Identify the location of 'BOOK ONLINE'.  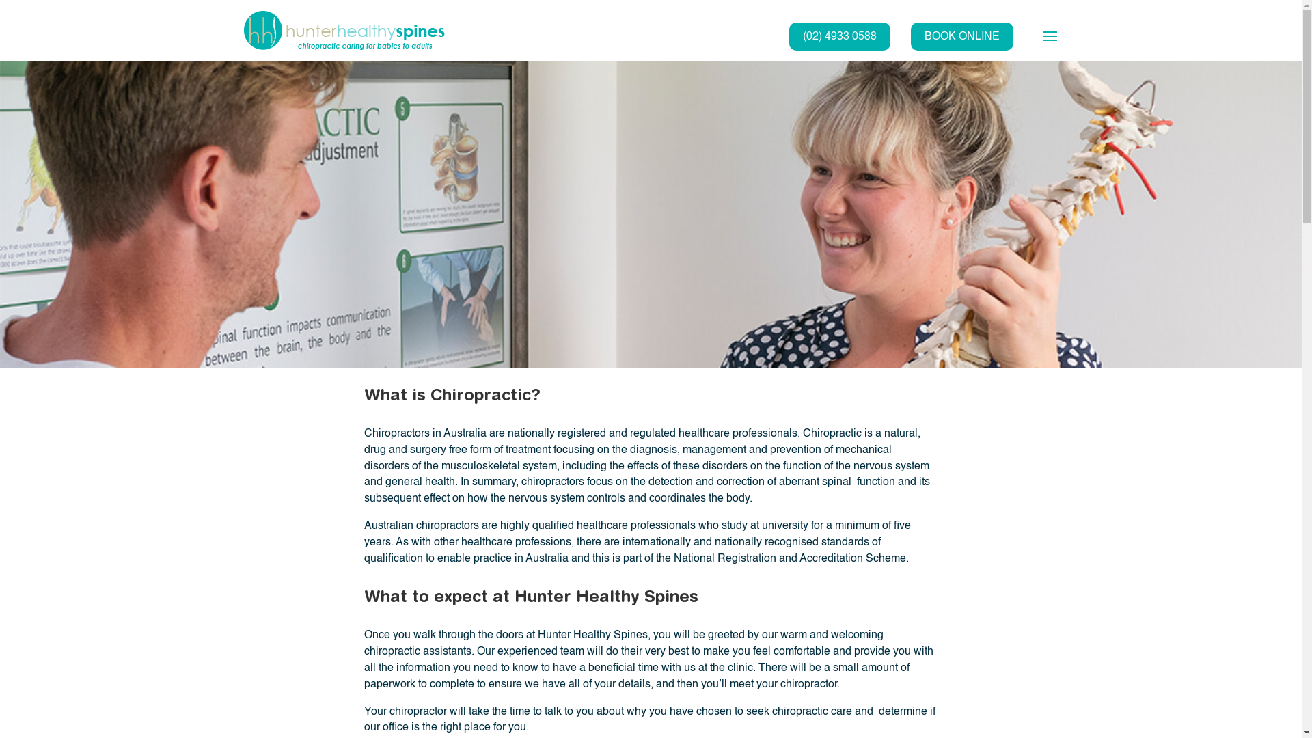
(960, 36).